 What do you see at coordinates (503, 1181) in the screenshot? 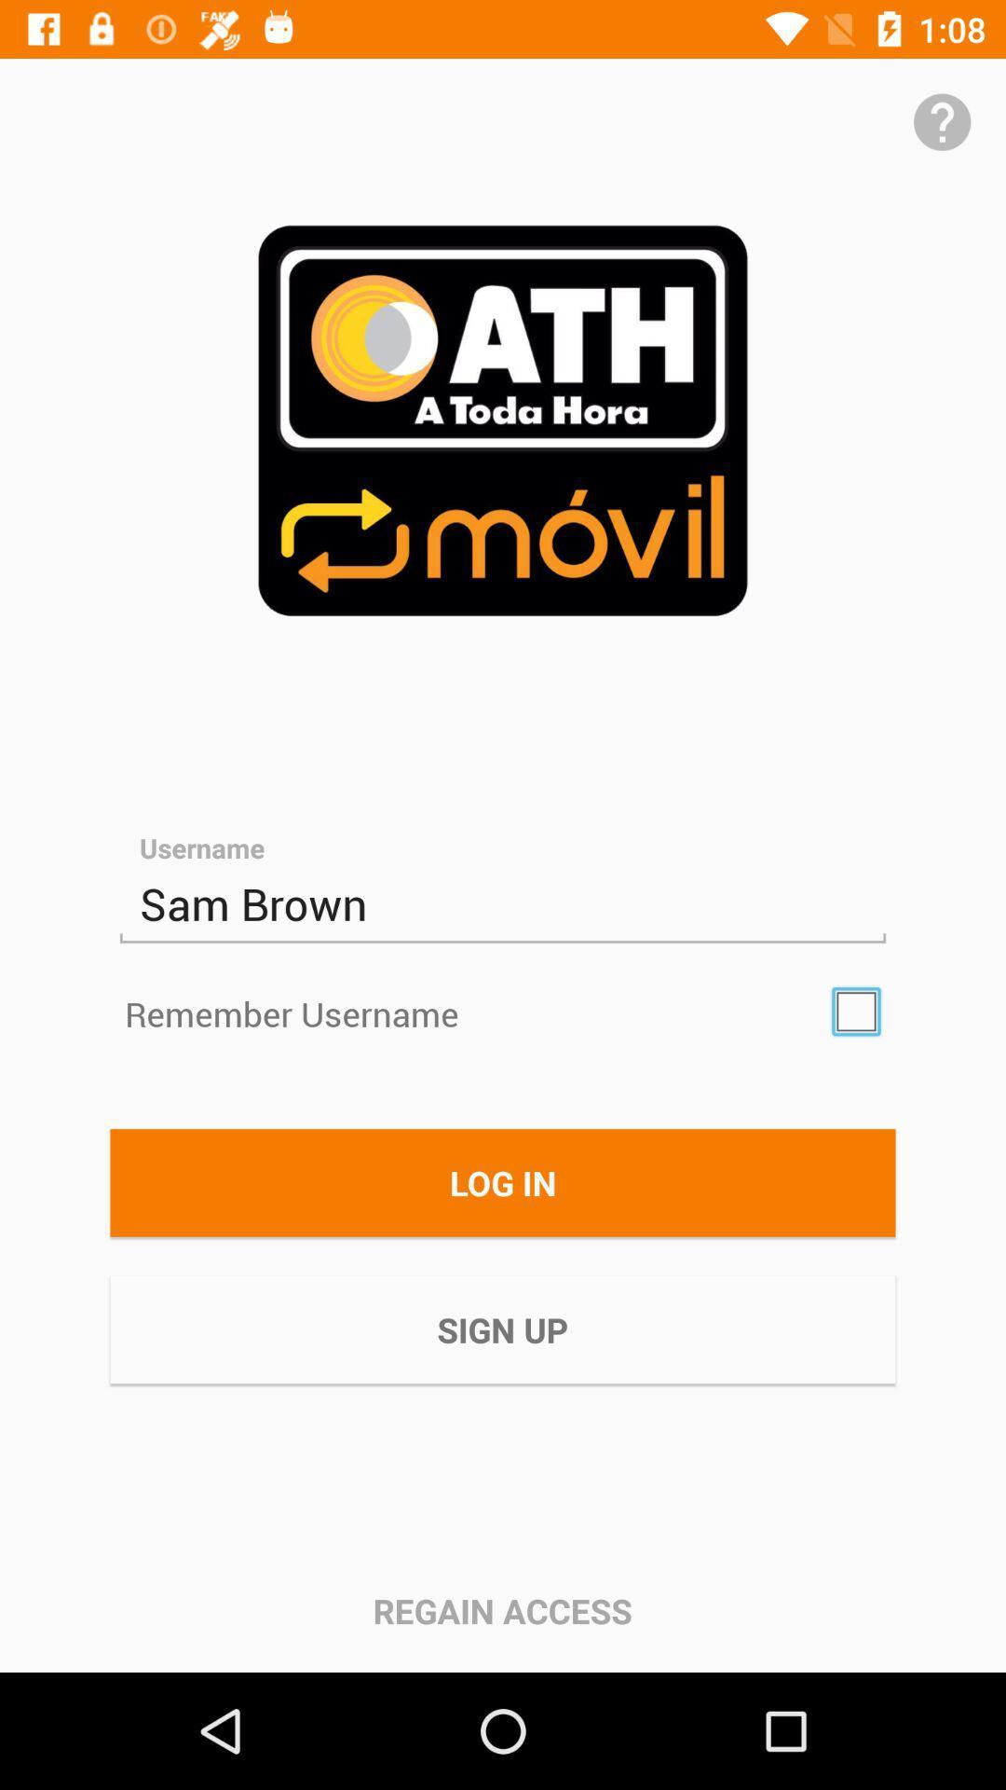
I see `the log in icon` at bounding box center [503, 1181].